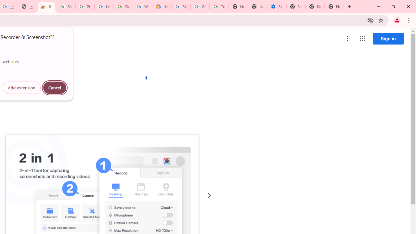  I want to click on 'Awesome Screen Recorder & Screenshot - Chrome Web Store', so click(46, 6).